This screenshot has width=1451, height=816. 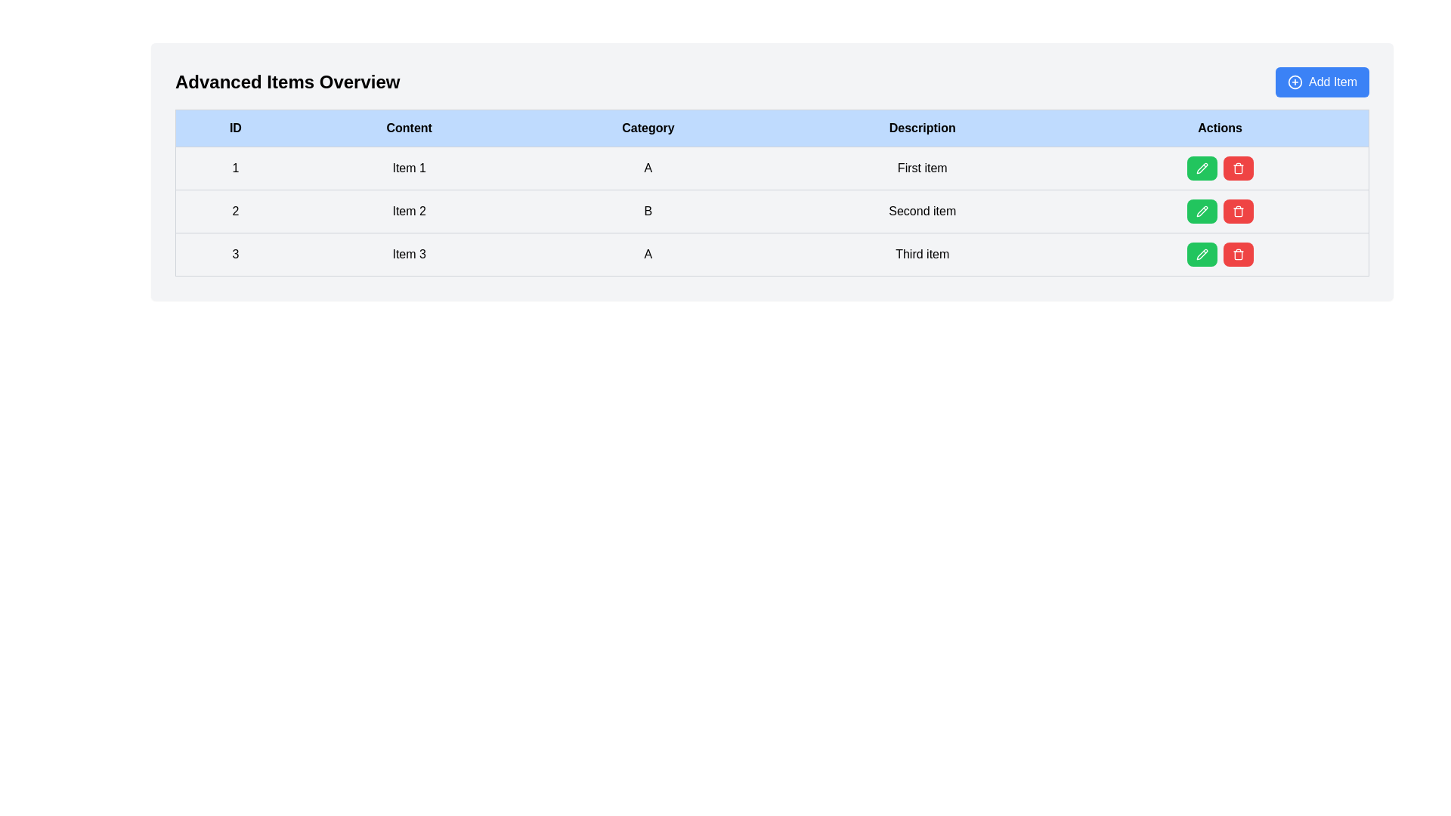 I want to click on the delete button located in the 'Actions' column of the third row in the table, so click(x=1238, y=253).